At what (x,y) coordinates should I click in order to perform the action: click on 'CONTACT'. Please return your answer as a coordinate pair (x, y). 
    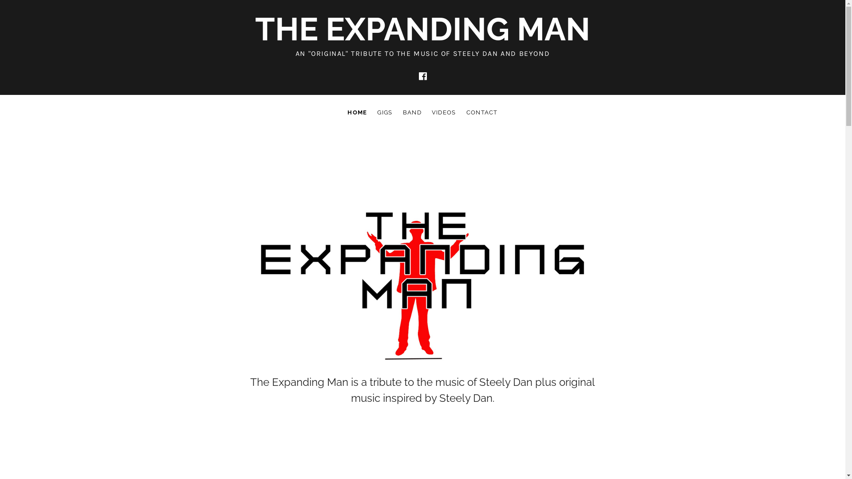
    Looking at the image, I should click on (481, 112).